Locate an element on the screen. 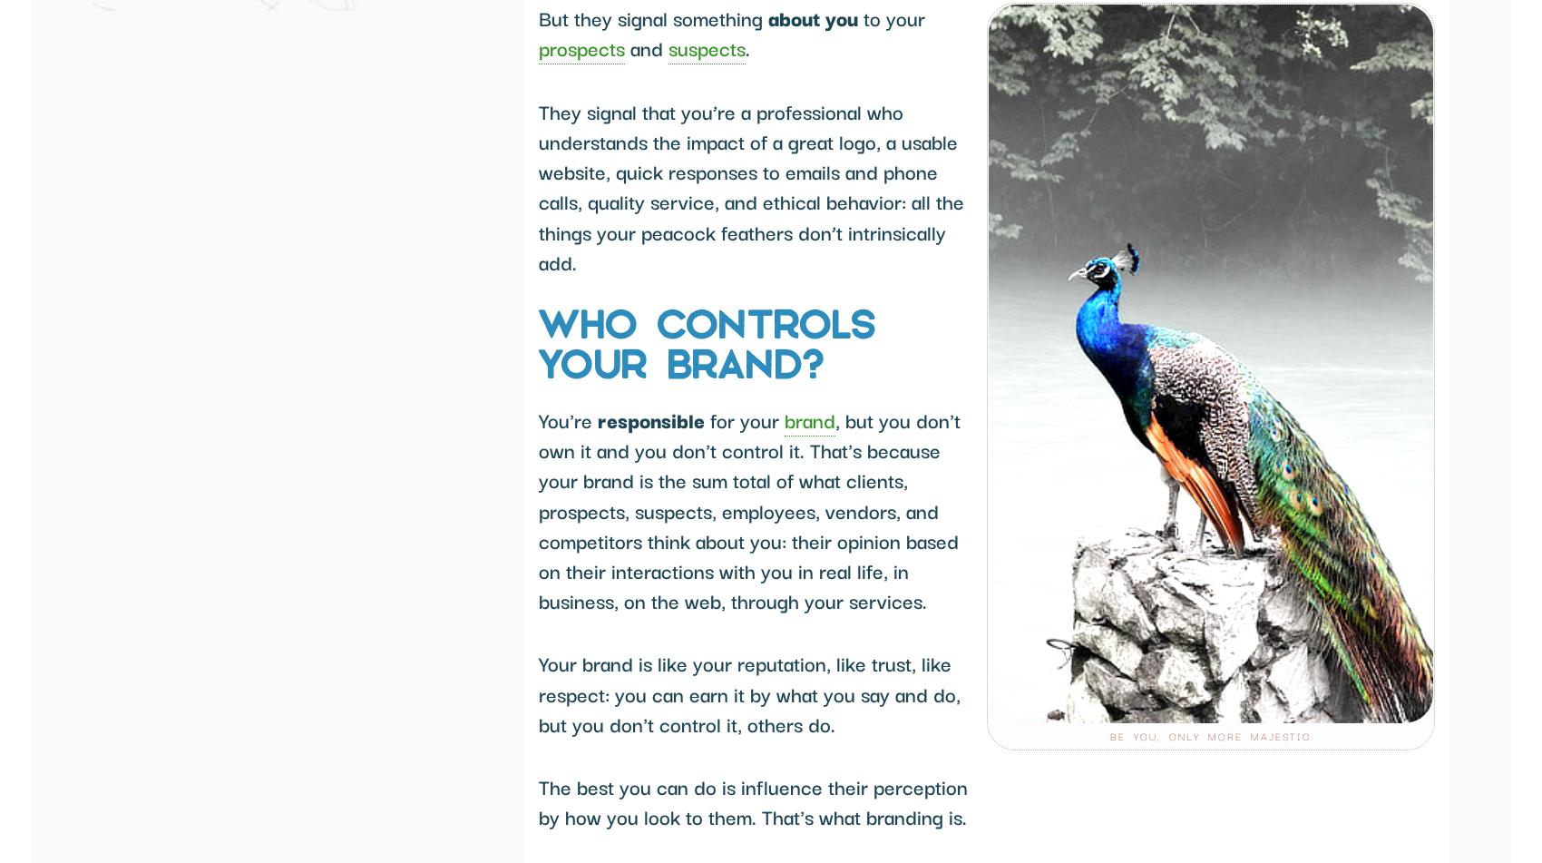 Image resolution: width=1542 pixels, height=863 pixels. 'brand' is located at coordinates (810, 418).